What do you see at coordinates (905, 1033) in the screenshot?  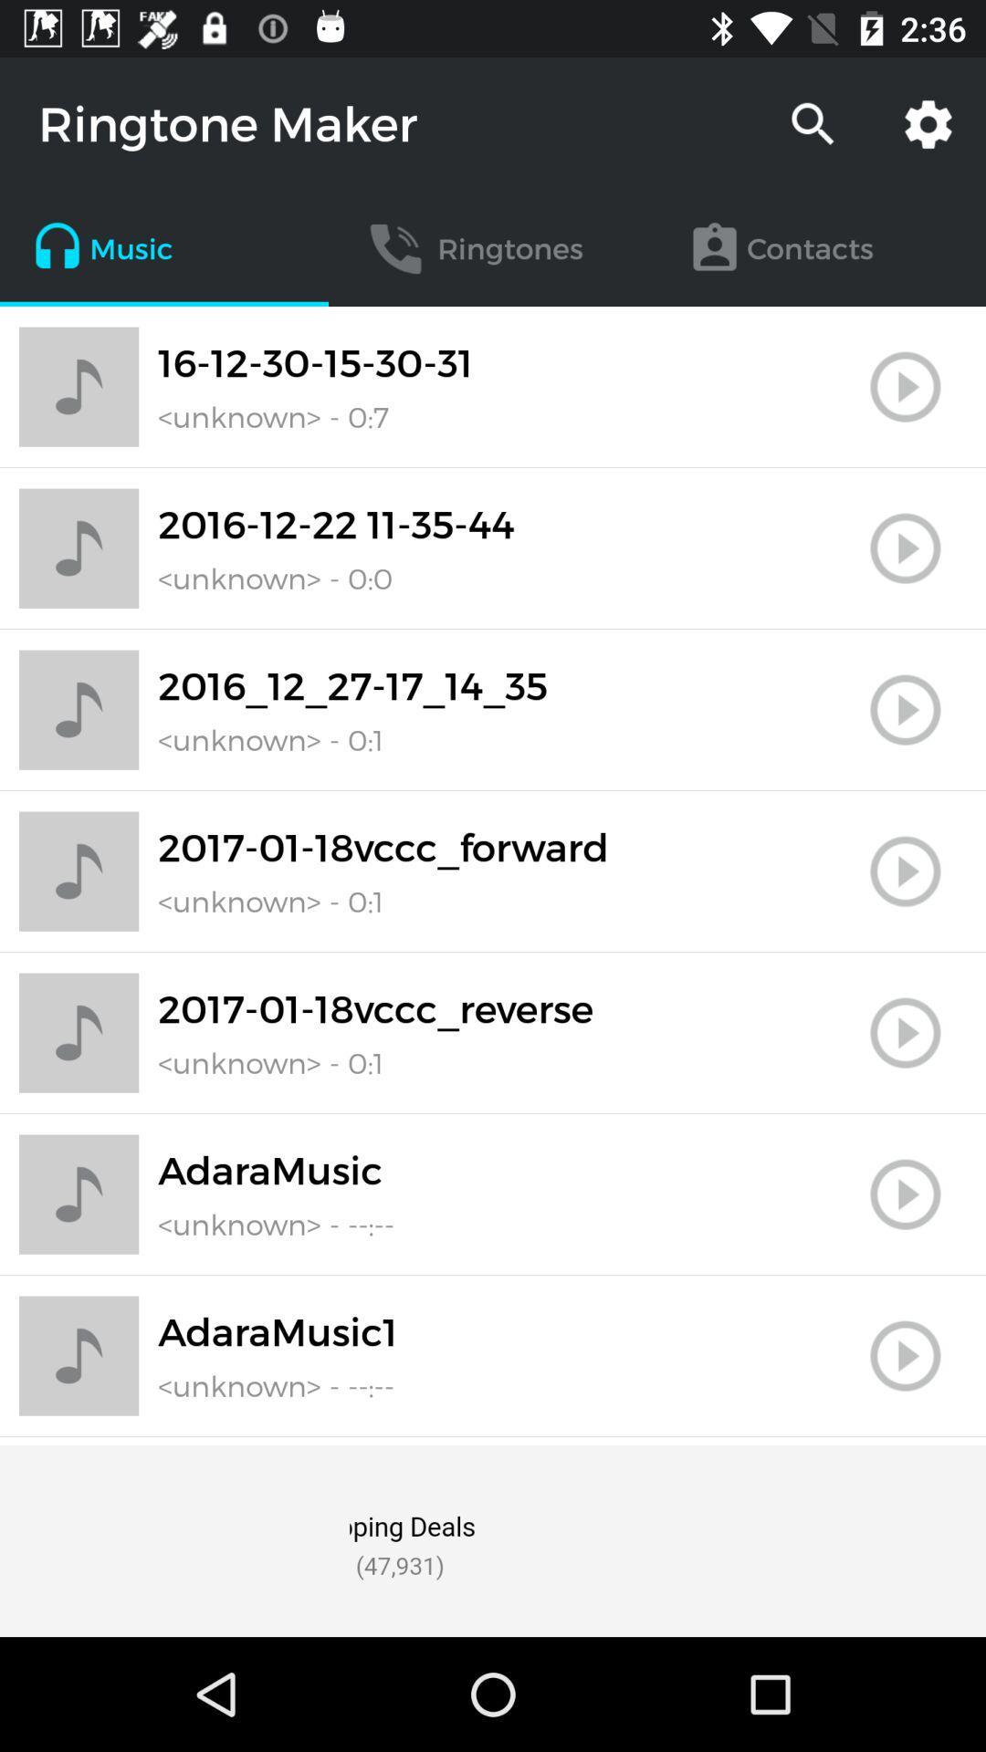 I see `play` at bounding box center [905, 1033].